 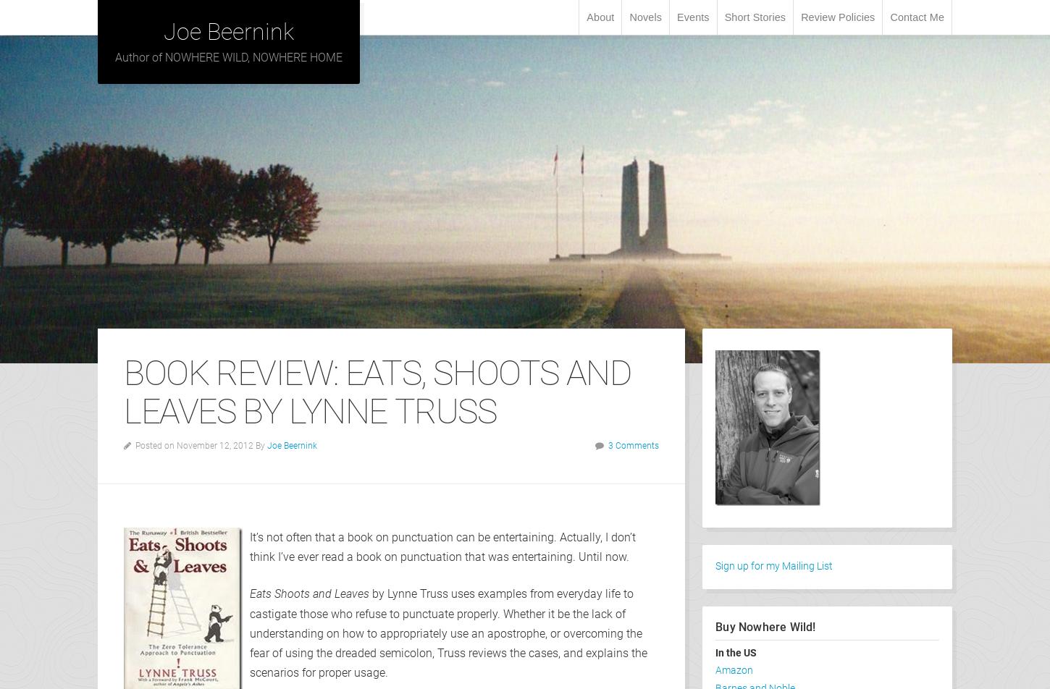 I want to click on 'Sign up for my Mailing List', so click(x=773, y=566).